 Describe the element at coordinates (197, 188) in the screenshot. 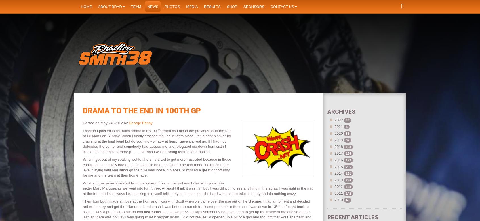

I see `'What another awesome start from the seventh row of the grid and I was alongside pole setter Marc Marquez as we went into turn three. At least I think it was him but it was difficult to see anything in the spray. I was right in the mix at the front and as always I was talking to myself telling myself not to spoil the hard work and to take it steady and do nothing crazy.'` at that location.